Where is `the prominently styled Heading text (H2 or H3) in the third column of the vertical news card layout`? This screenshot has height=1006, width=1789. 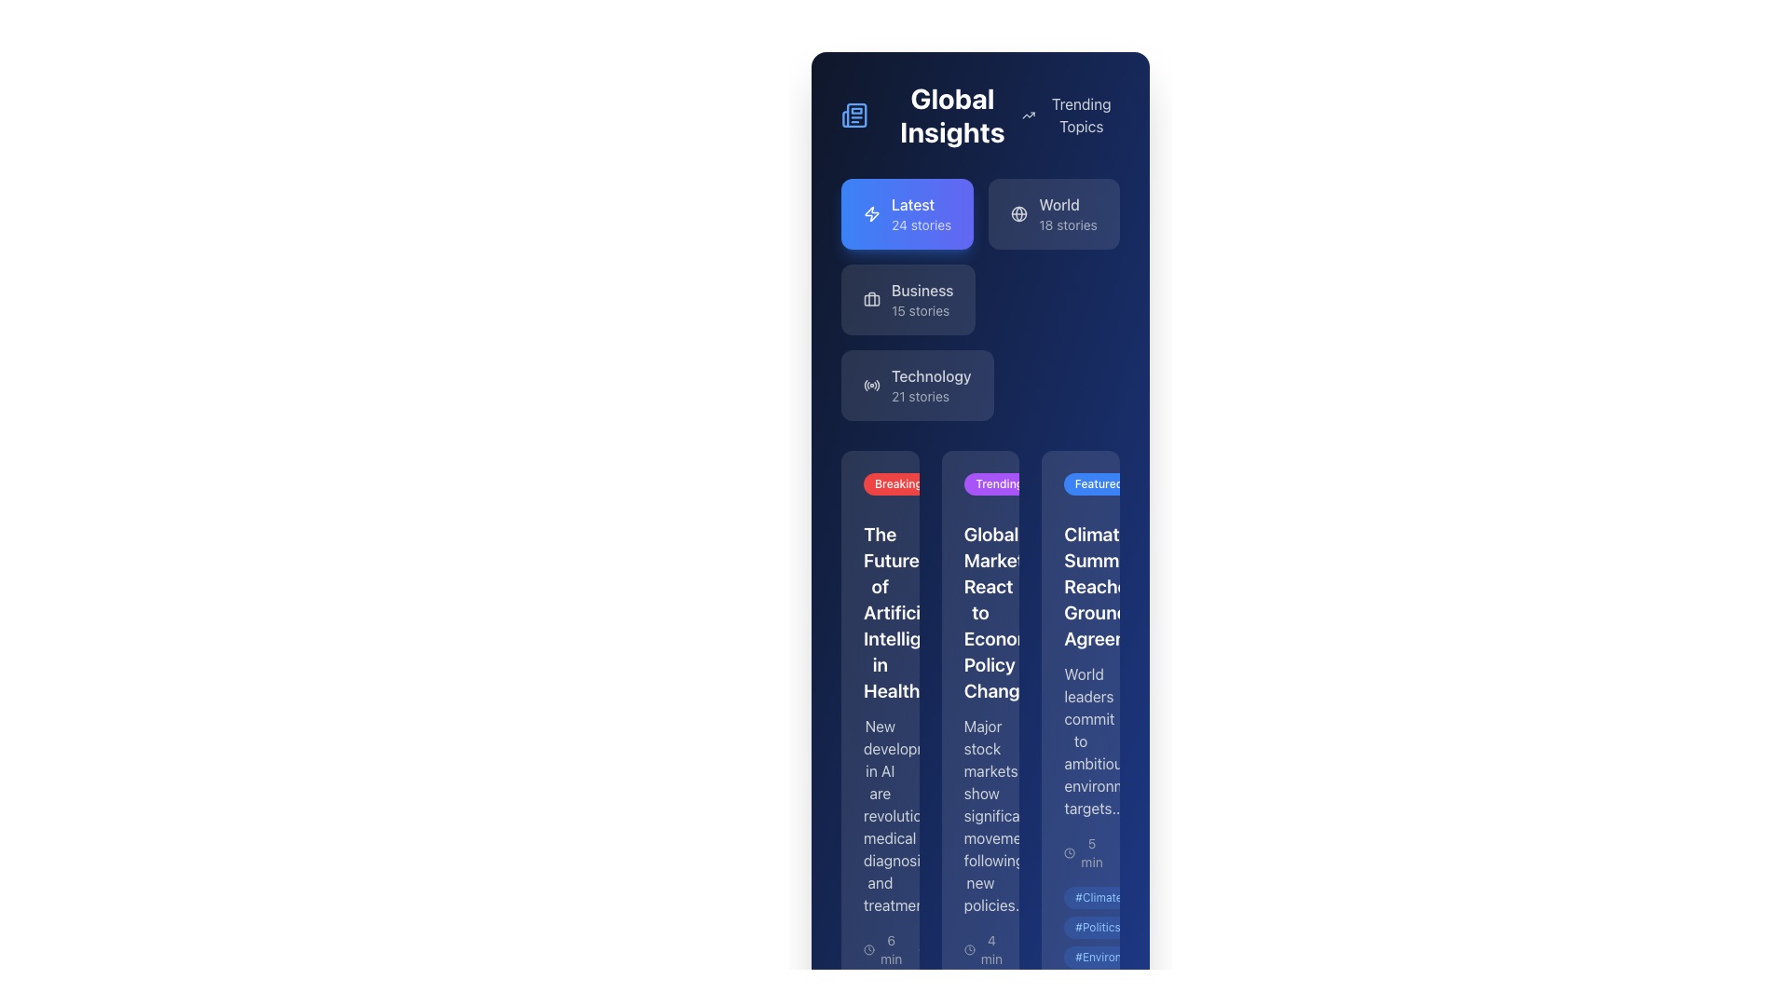
the prominently styled Heading text (H2 or H3) in the third column of the vertical news card layout is located at coordinates (1081, 585).